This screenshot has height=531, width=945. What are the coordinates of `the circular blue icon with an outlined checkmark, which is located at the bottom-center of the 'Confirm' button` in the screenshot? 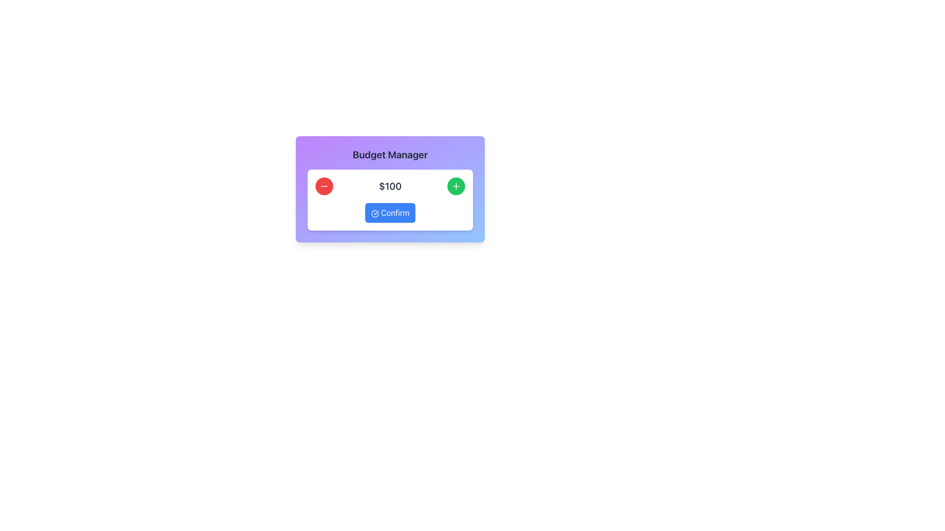 It's located at (374, 213).